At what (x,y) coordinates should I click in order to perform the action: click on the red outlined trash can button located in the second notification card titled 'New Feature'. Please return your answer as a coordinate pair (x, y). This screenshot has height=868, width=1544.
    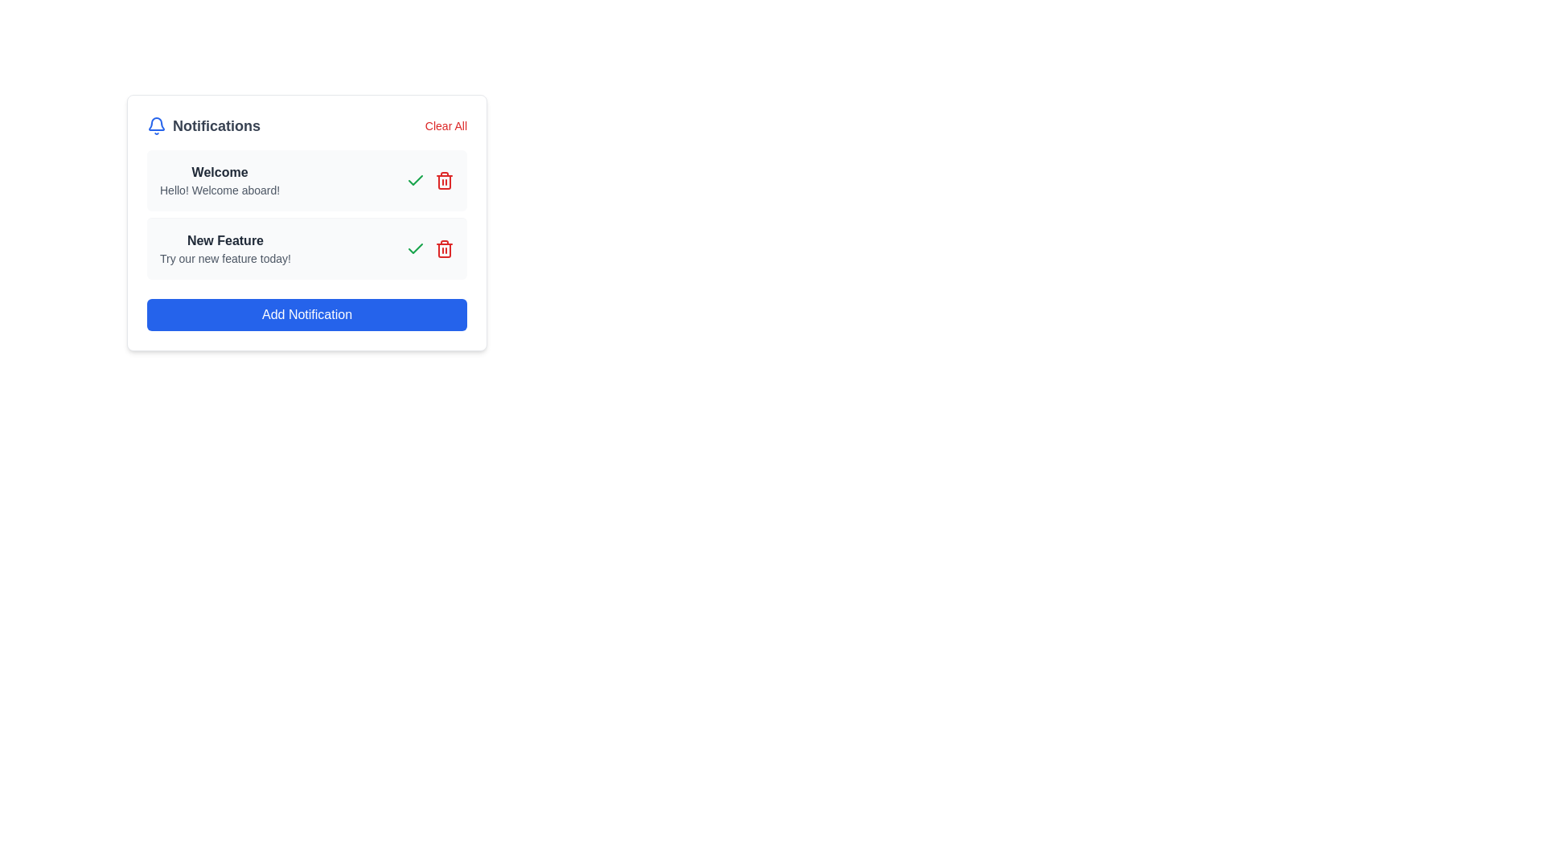
    Looking at the image, I should click on (444, 182).